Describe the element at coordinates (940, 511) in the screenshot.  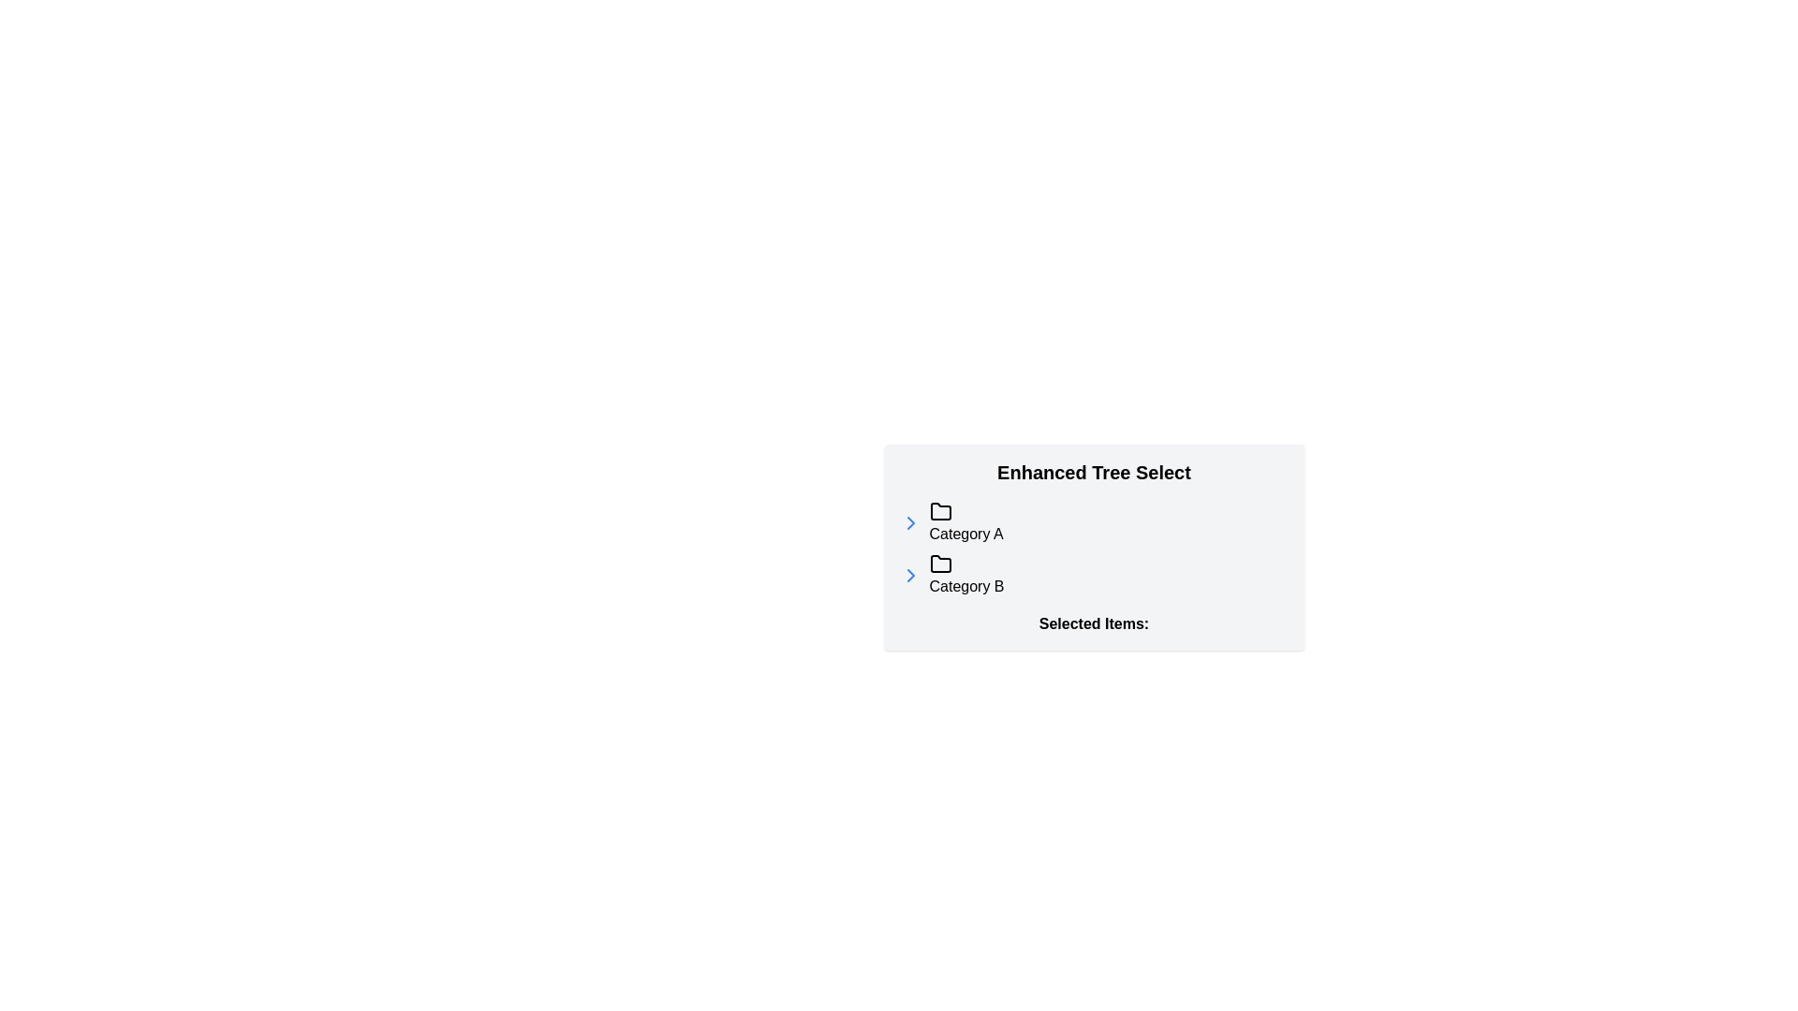
I see `the folder icon located to the left of the label 'Category A'` at that location.